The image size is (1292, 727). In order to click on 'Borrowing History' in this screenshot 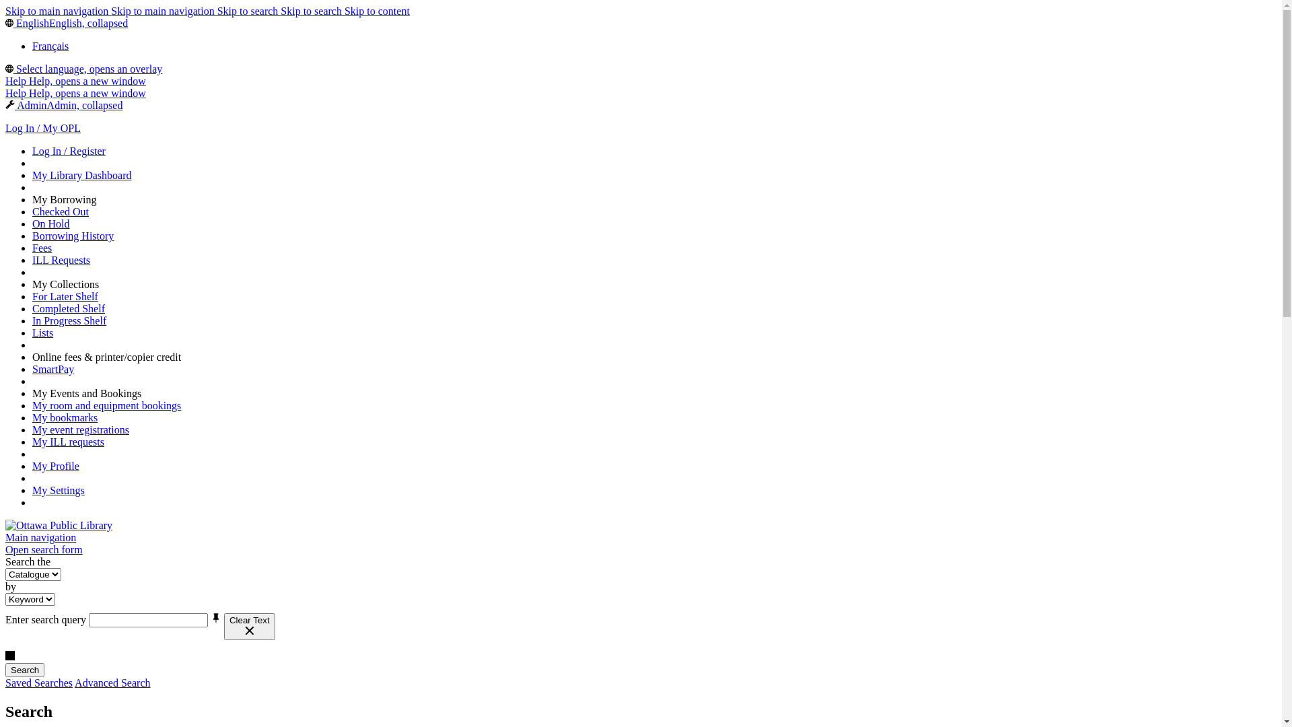, I will do `click(32, 235)`.